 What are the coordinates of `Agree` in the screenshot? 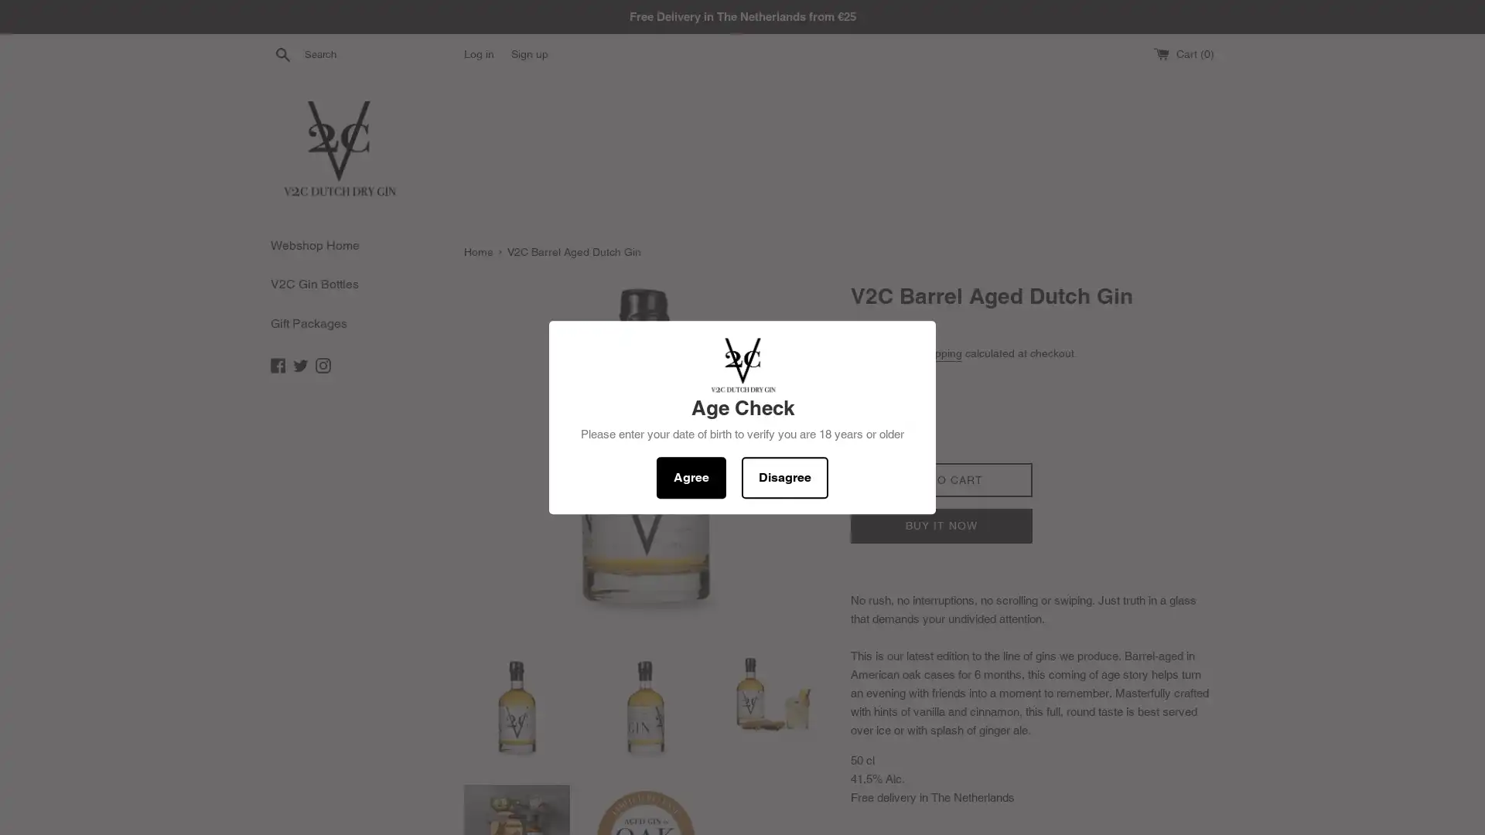 It's located at (690, 476).